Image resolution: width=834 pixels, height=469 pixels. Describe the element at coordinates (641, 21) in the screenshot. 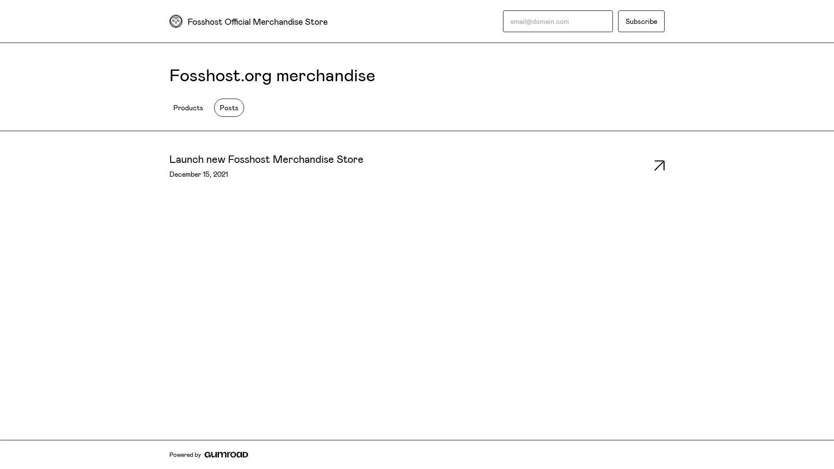

I see `Subscribe` at that location.